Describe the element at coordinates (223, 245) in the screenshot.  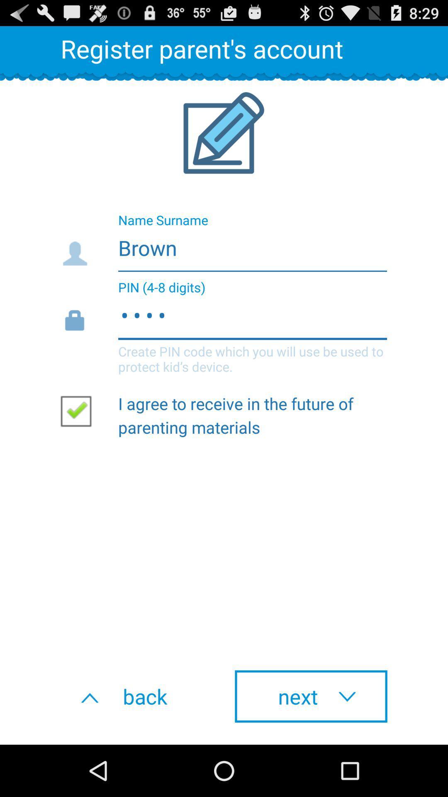
I see `icon above the 1234 item` at that location.